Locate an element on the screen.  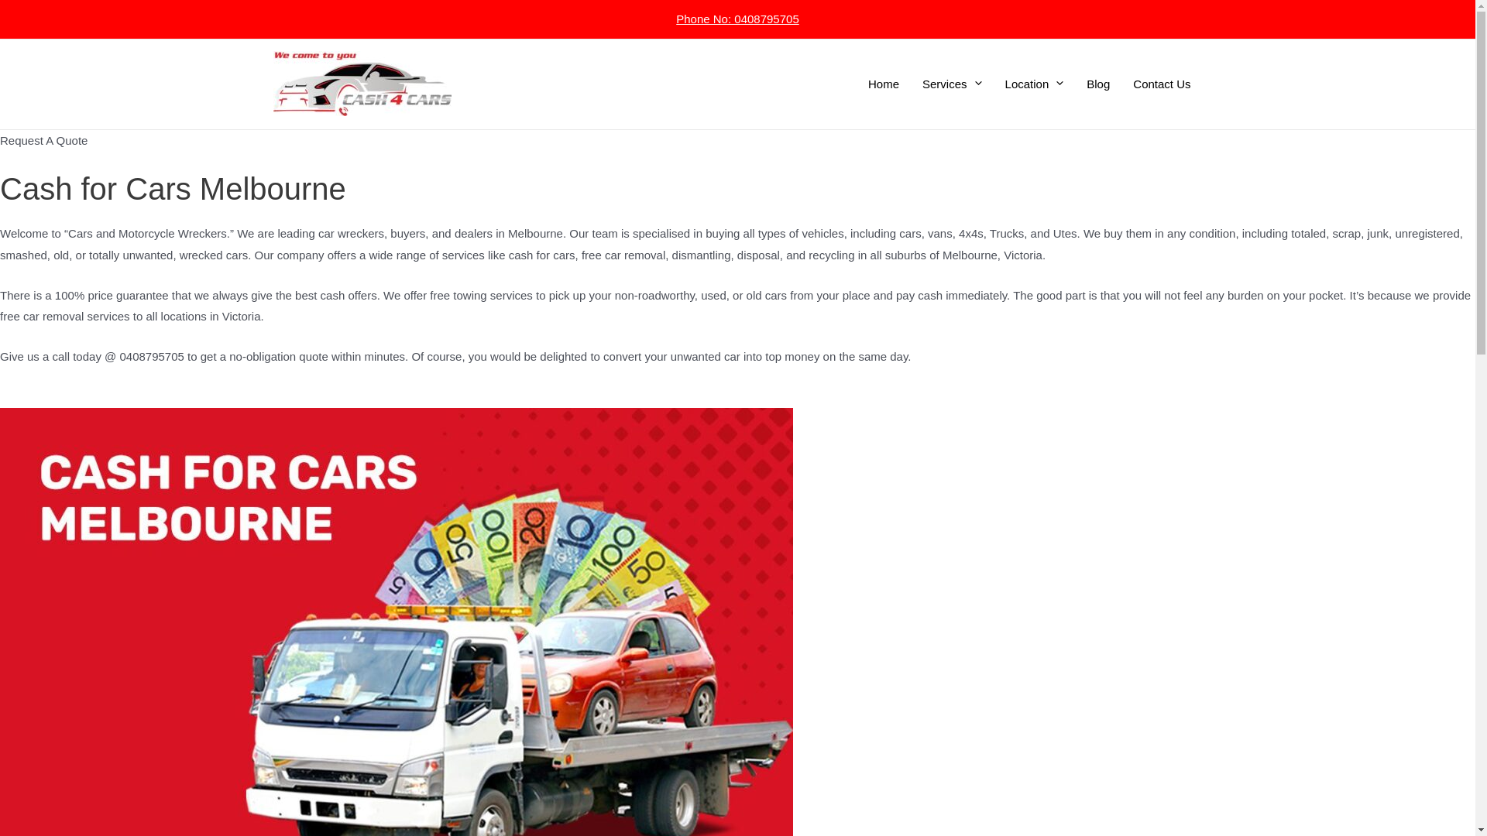
'Blog' is located at coordinates (1097, 84).